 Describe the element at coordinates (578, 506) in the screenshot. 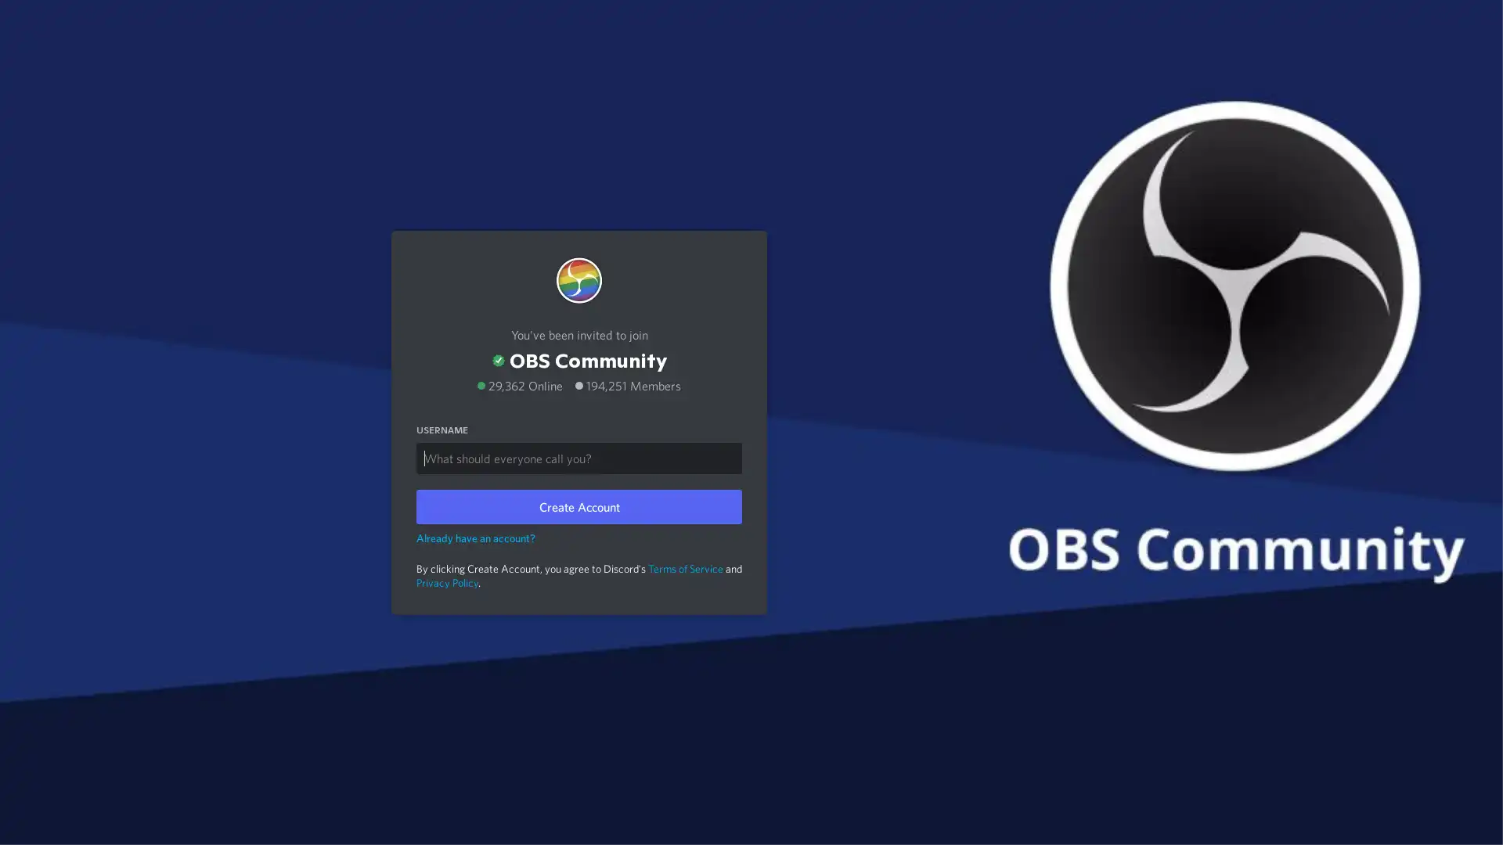

I see `Create Account` at that location.